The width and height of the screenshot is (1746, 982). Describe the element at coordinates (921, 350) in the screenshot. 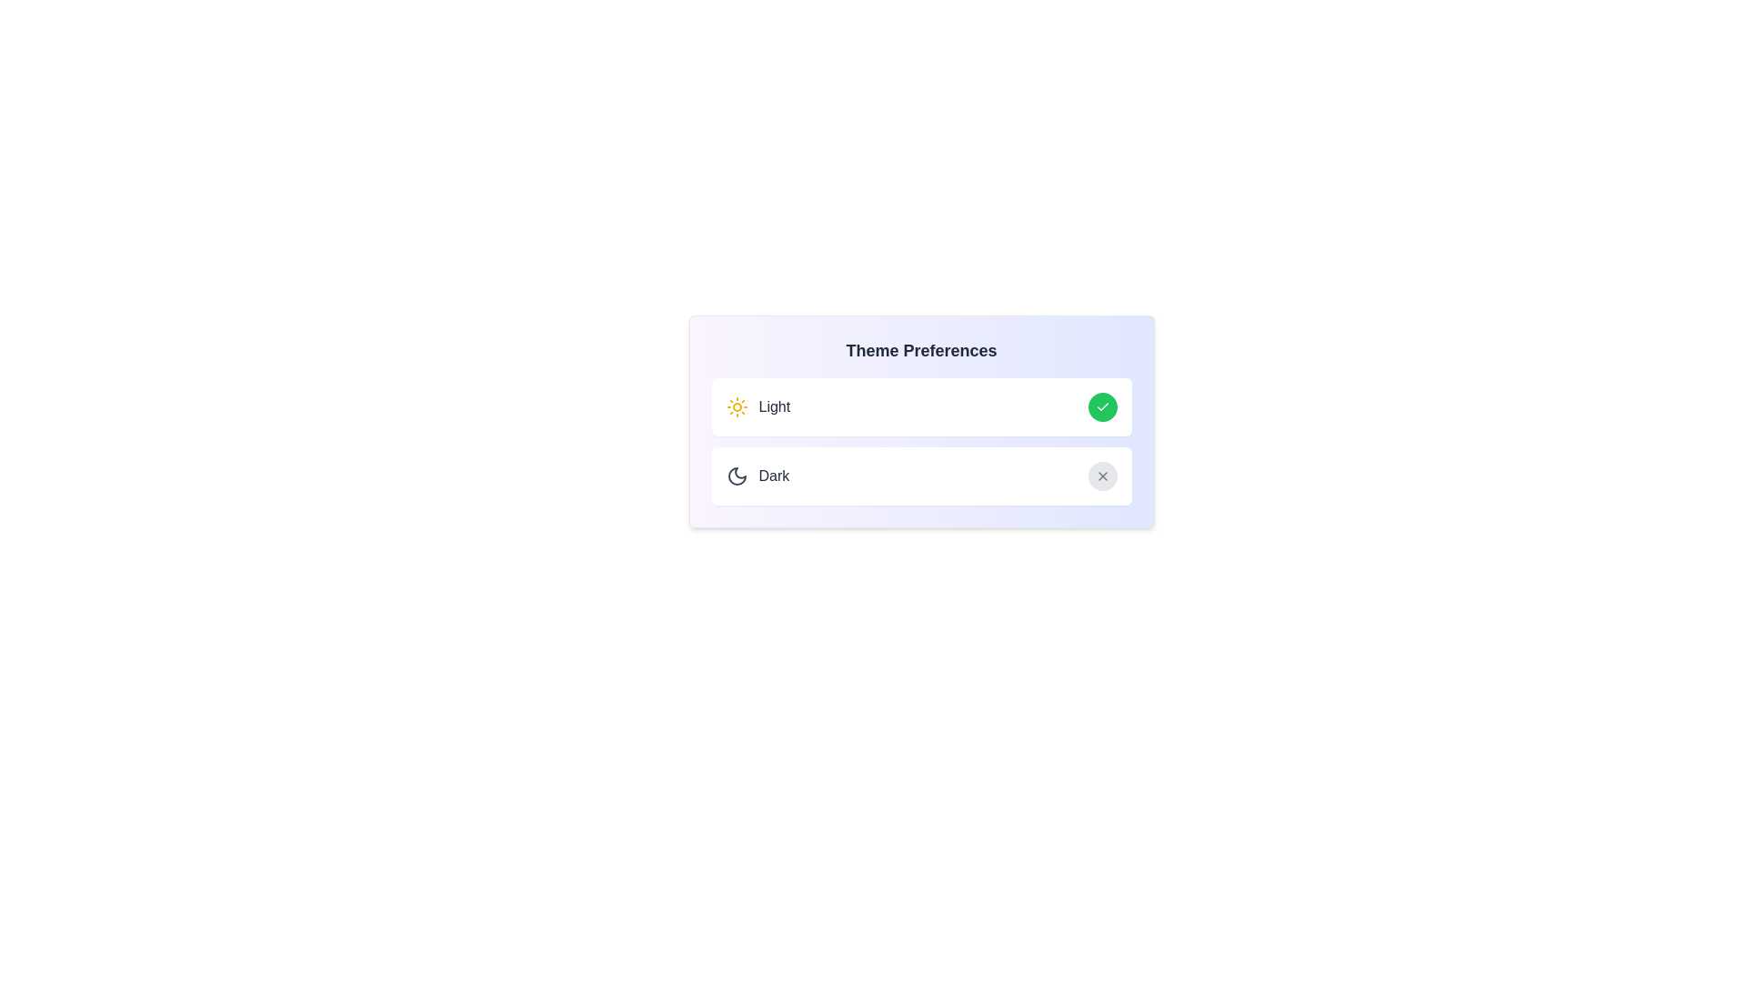

I see `the 'Theme Preferences' title text by clicking on its center` at that location.